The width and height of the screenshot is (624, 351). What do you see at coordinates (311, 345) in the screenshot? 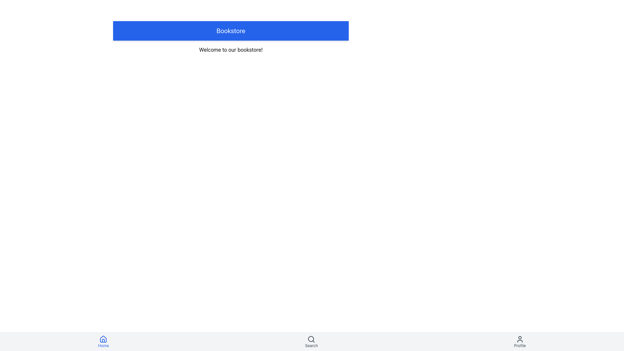
I see `text label element that contains the word 'Search', styled in gray, located below the search icon in the bottom navigation bar` at bounding box center [311, 345].